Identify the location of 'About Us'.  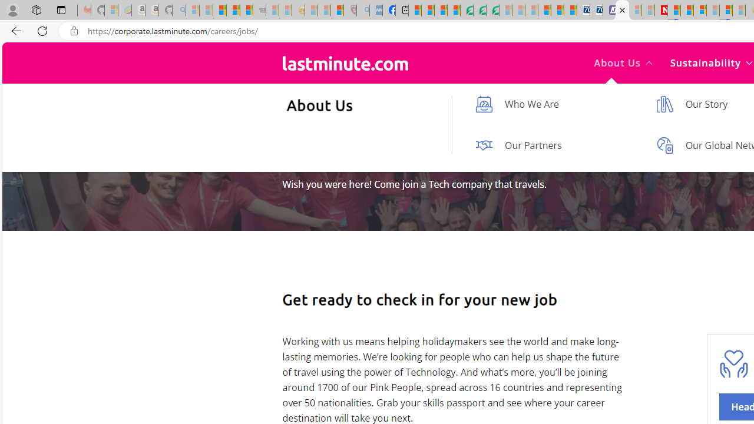
(623, 62).